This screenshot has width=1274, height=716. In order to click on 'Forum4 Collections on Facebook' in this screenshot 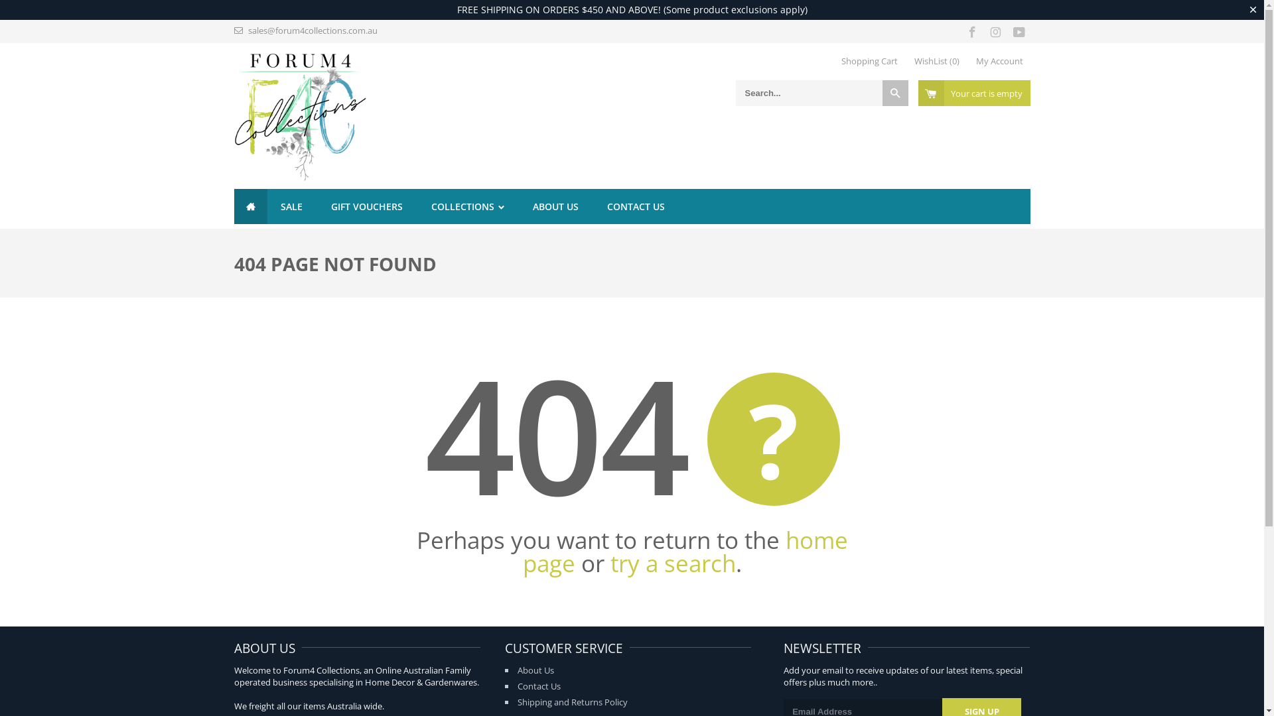, I will do `click(972, 30)`.